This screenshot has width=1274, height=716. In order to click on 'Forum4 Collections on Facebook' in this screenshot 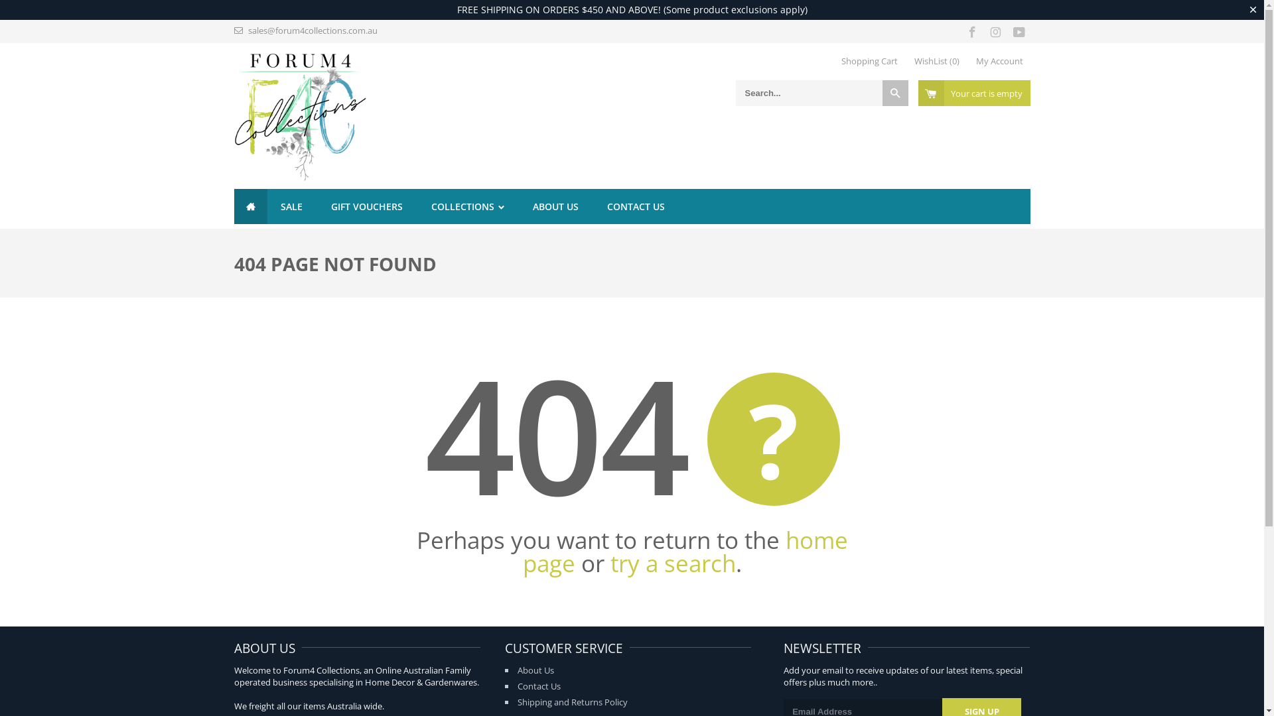, I will do `click(972, 30)`.